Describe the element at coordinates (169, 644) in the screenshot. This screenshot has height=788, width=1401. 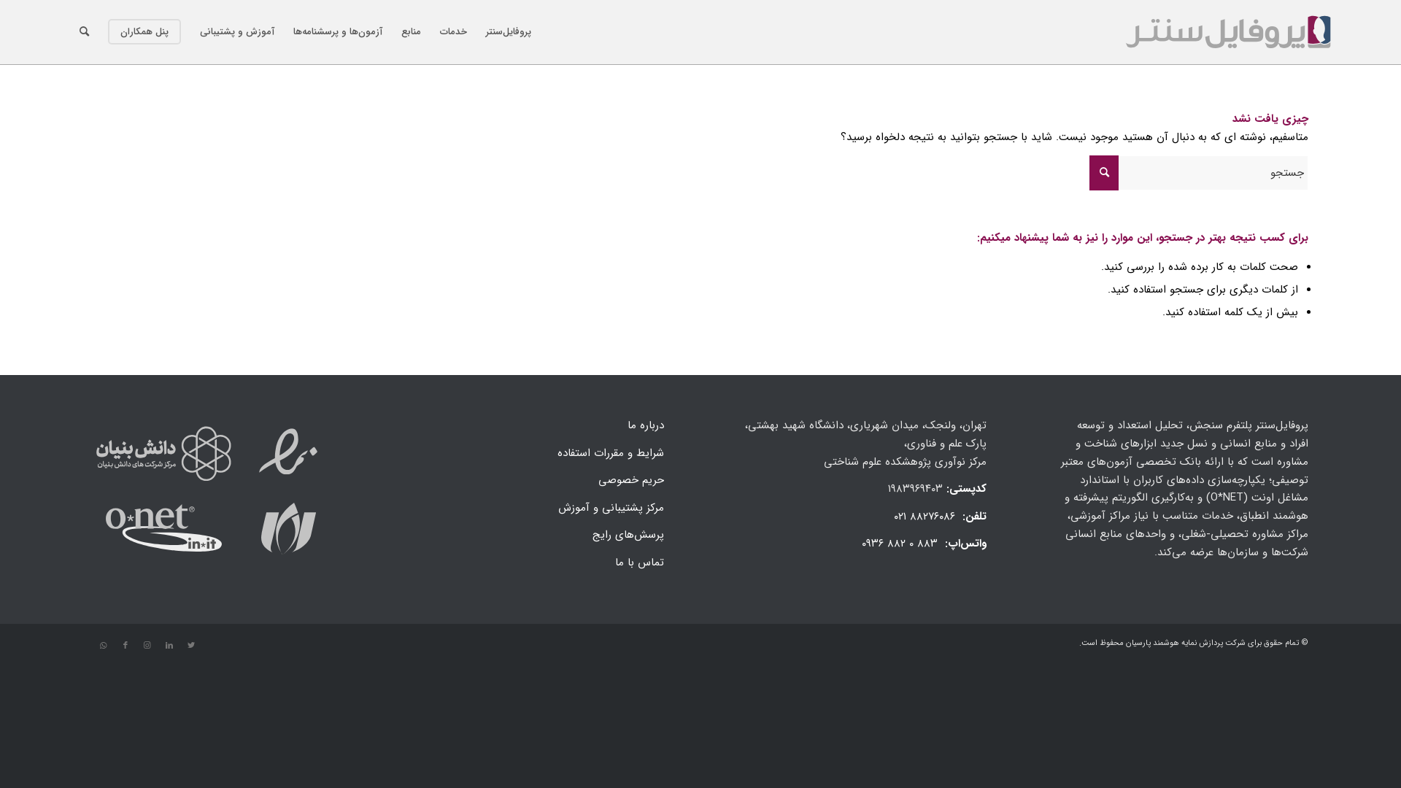
I see `'LinkedIn'` at that location.